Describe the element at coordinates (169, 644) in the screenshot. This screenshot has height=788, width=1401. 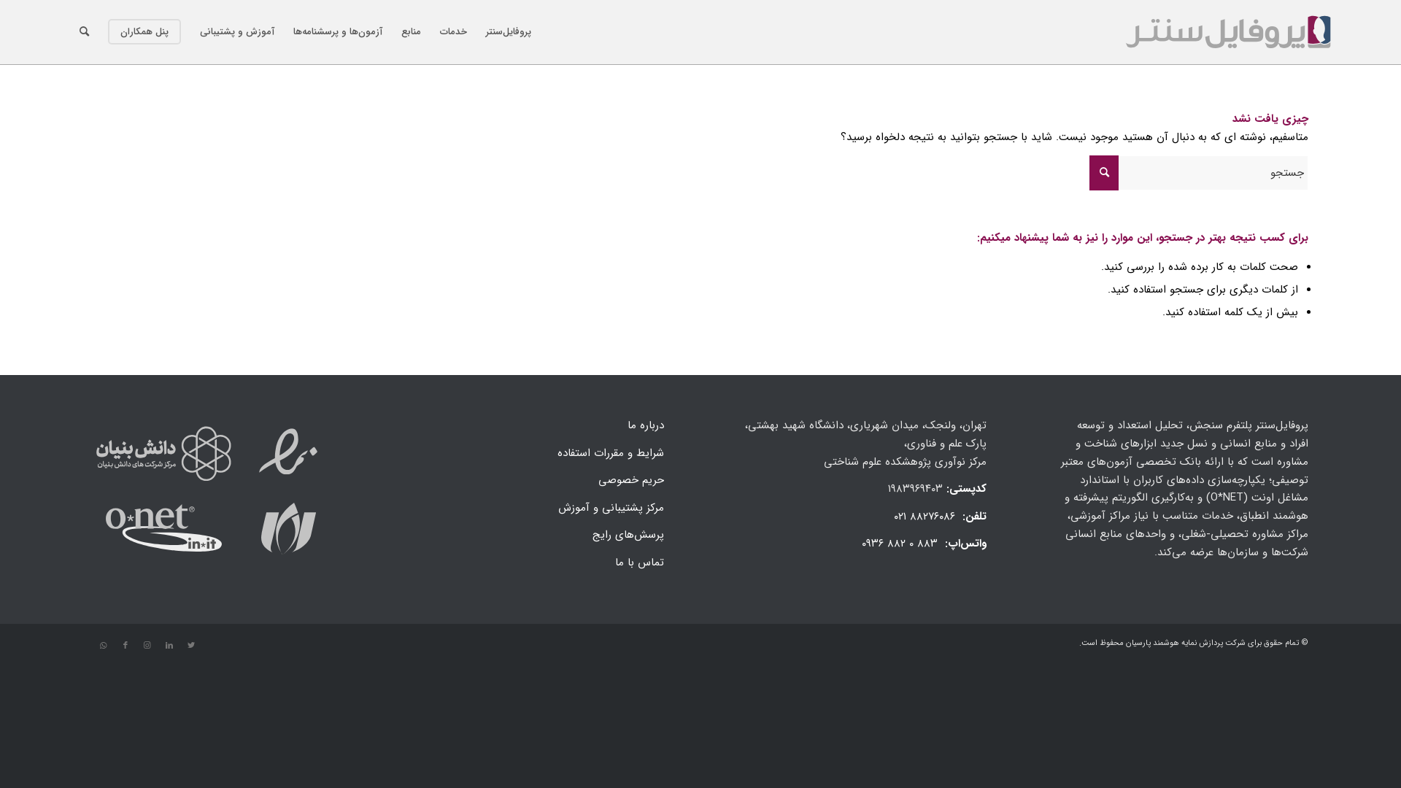
I see `'LinkedIn'` at that location.